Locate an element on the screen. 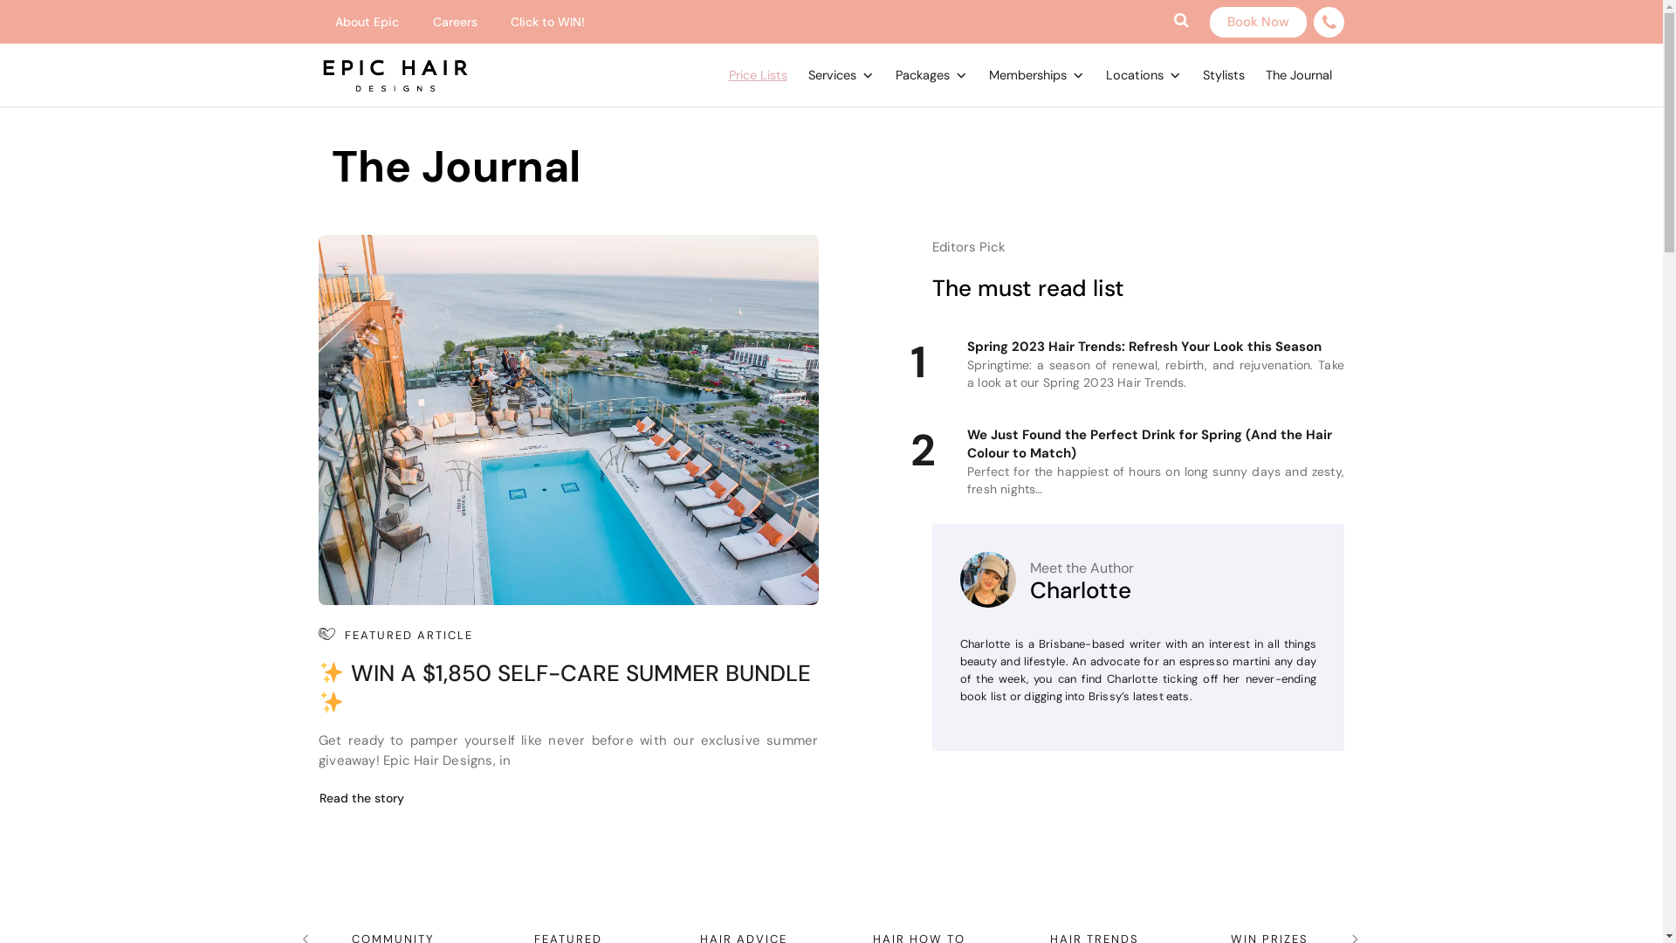 The image size is (1676, 943). 'Services' is located at coordinates (841, 74).